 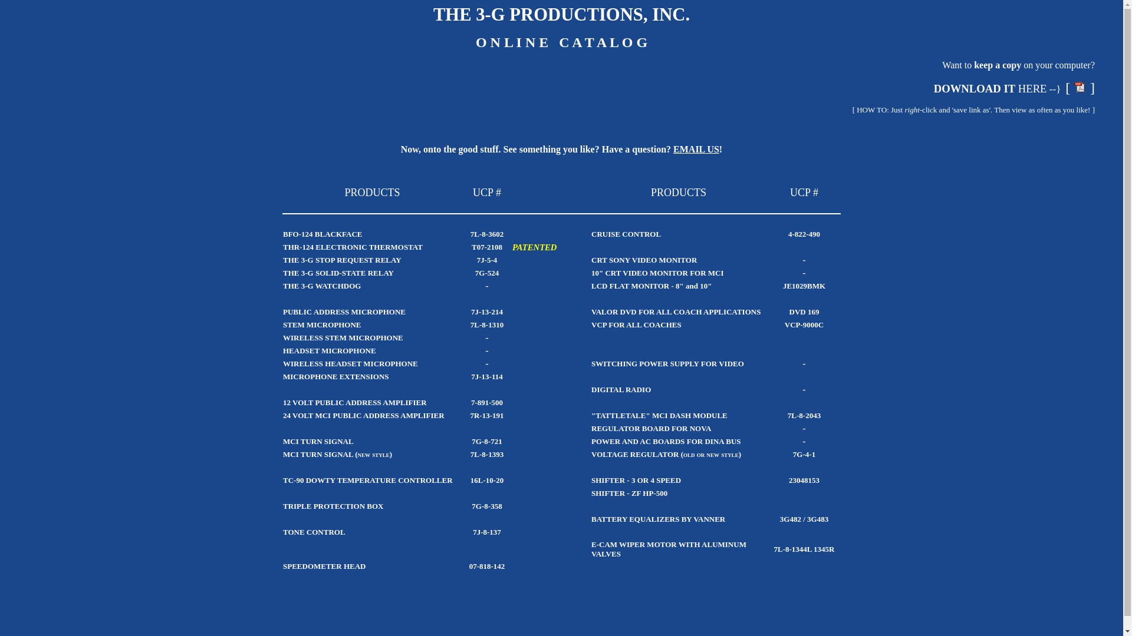 What do you see at coordinates (636, 480) in the screenshot?
I see `'SHIFTER - 3 OR 4 SPEED'` at bounding box center [636, 480].